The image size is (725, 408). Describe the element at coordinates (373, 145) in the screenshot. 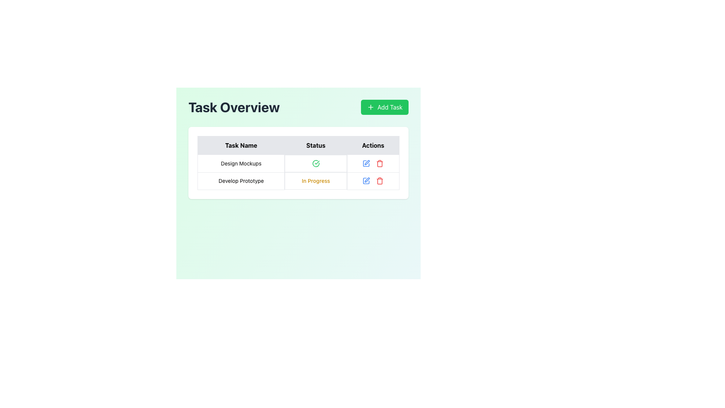

I see `the third column header in the table, which indicates actions related to the corresponding rows` at that location.